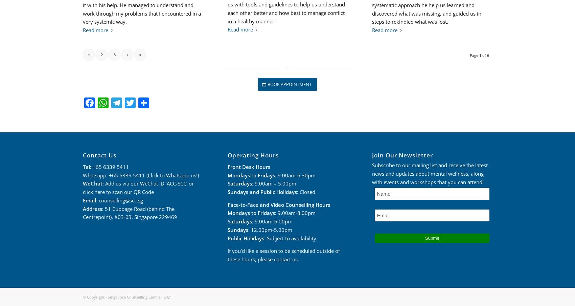  I want to click on 'Join Our Newsletter', so click(402, 155).